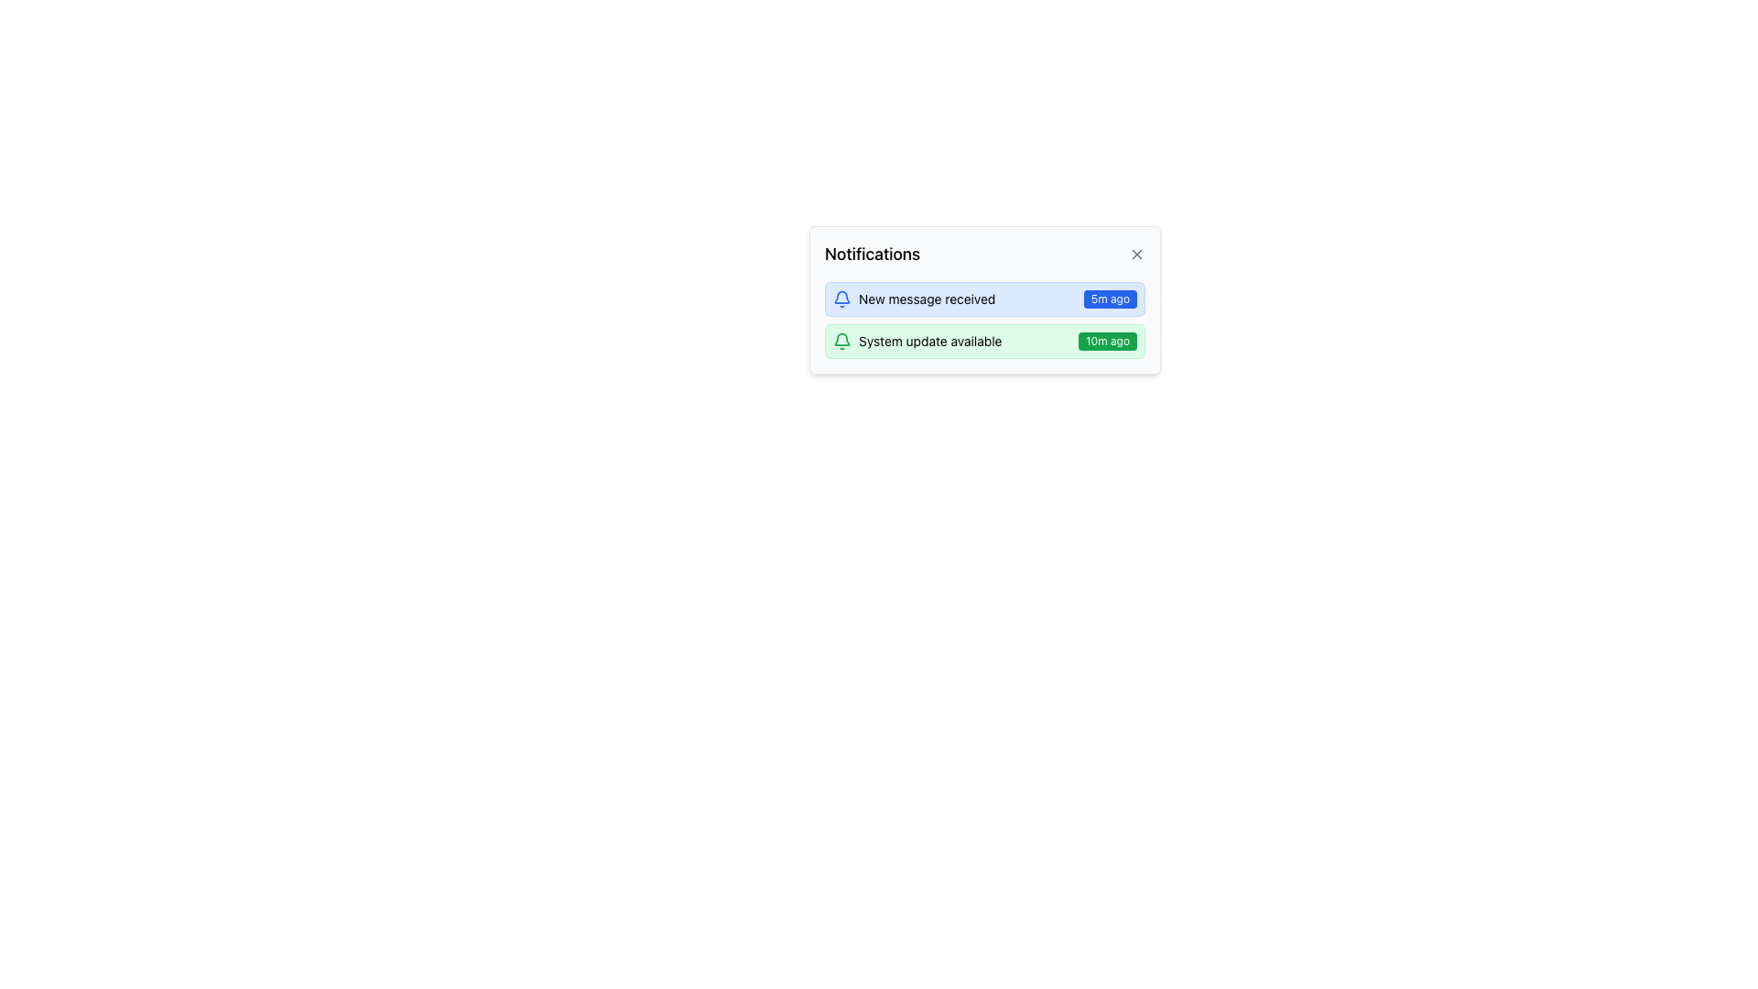 This screenshot has width=1758, height=989. I want to click on the top notification entry with a blue background that shows 'New message received' and a timestamp '5m ago', so click(983, 299).